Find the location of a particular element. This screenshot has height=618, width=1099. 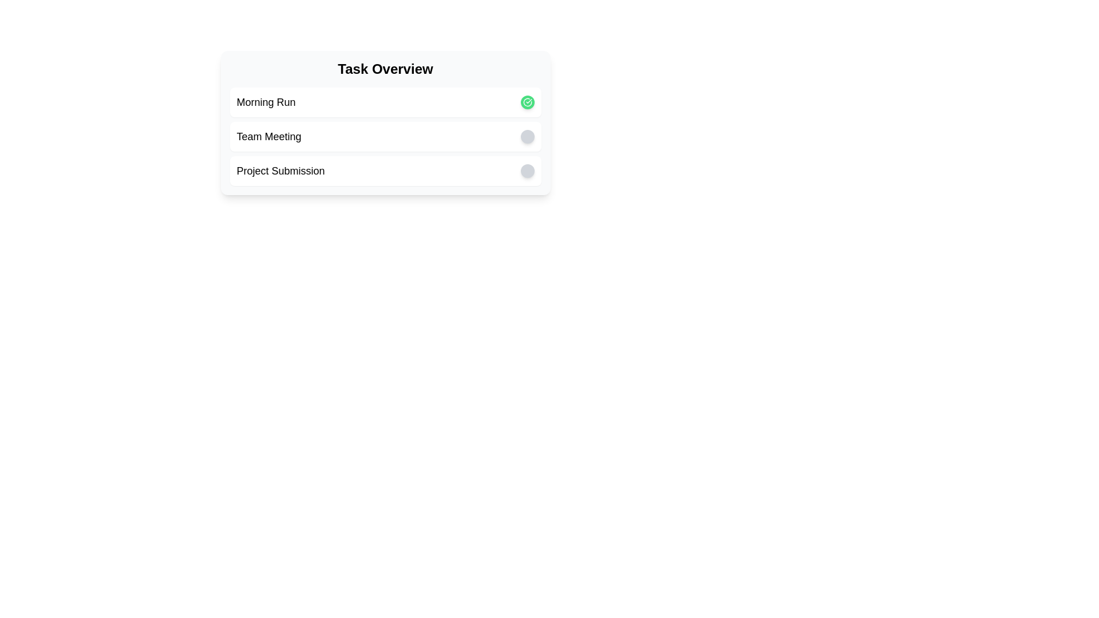

the circular green button with a white checkmark icon located at the far-right side of the 'Task Overview' section is located at coordinates (527, 101).